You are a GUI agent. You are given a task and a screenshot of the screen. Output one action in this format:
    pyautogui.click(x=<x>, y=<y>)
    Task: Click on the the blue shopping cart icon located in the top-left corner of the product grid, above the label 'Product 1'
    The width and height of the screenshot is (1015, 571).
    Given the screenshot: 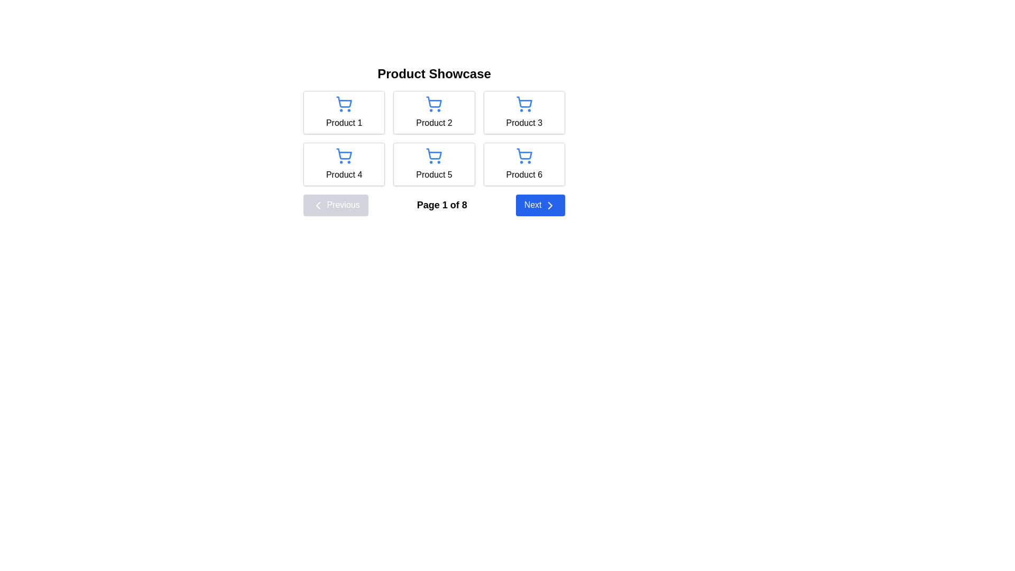 What is the action you would take?
    pyautogui.click(x=344, y=104)
    